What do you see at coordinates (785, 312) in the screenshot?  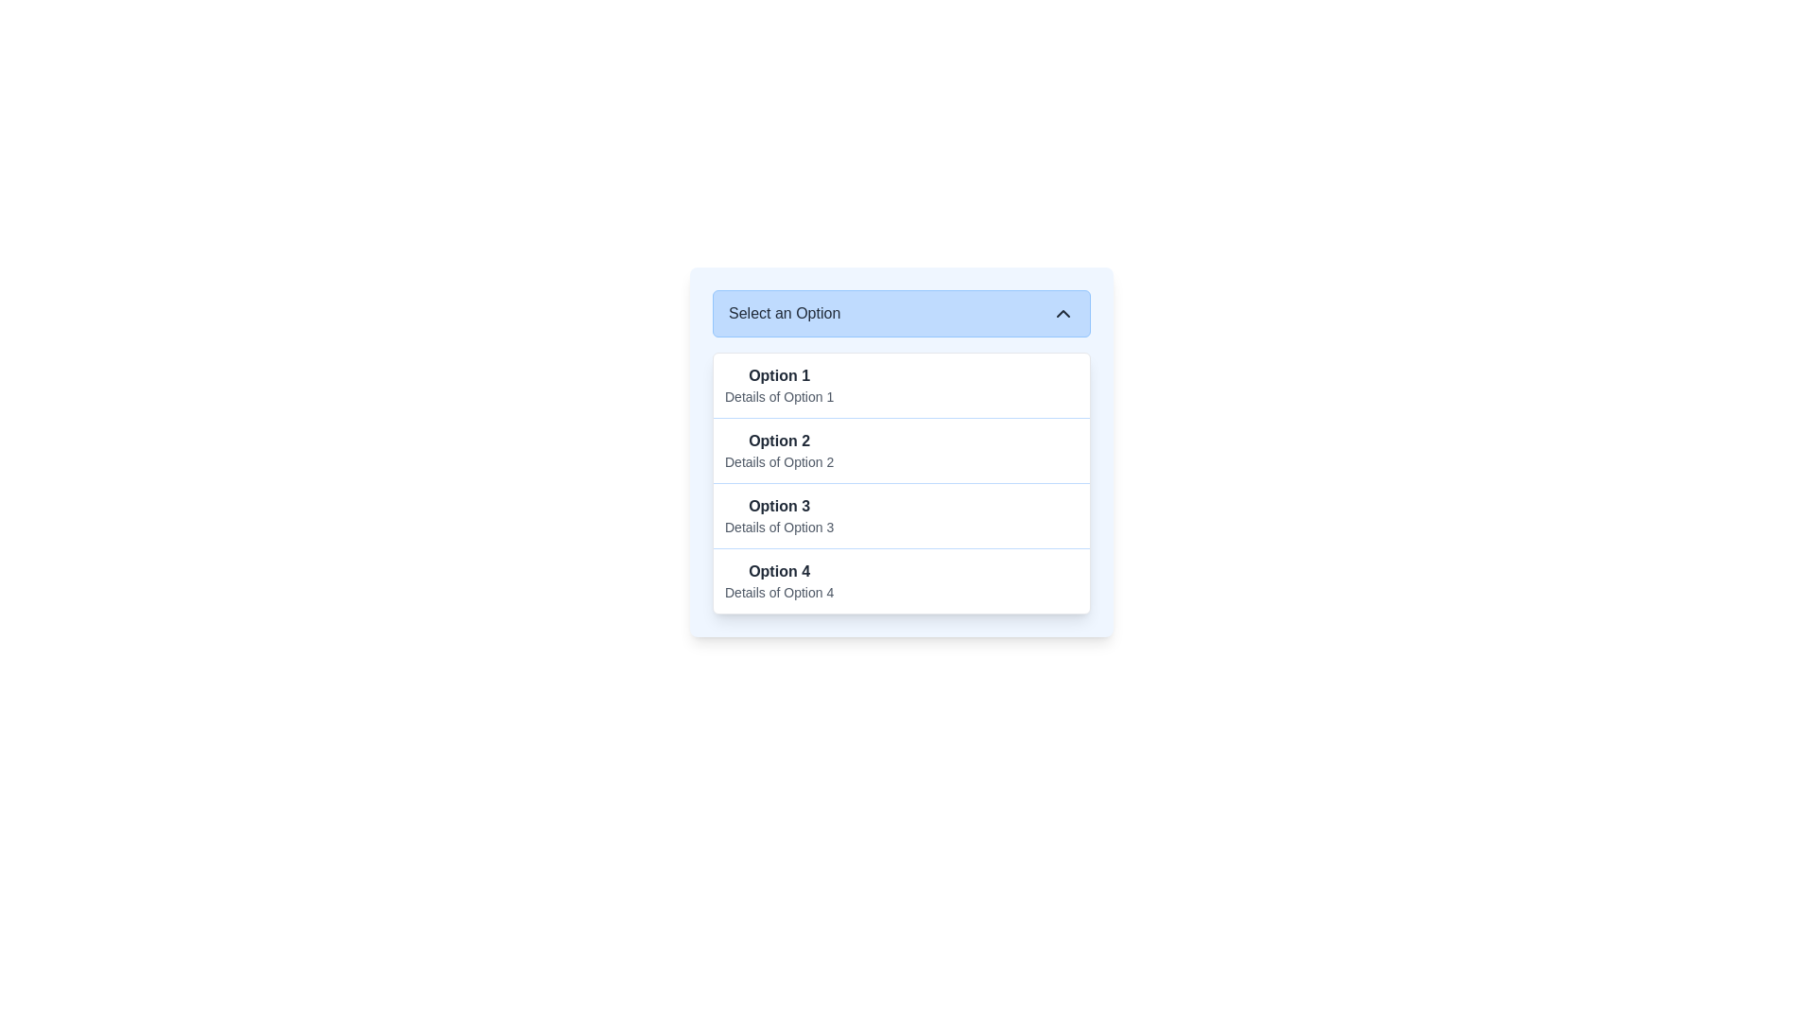 I see `the text label element displaying 'Select an Option', which is part of the dropdown header with a light blue background and a chevron icon to the right` at bounding box center [785, 312].